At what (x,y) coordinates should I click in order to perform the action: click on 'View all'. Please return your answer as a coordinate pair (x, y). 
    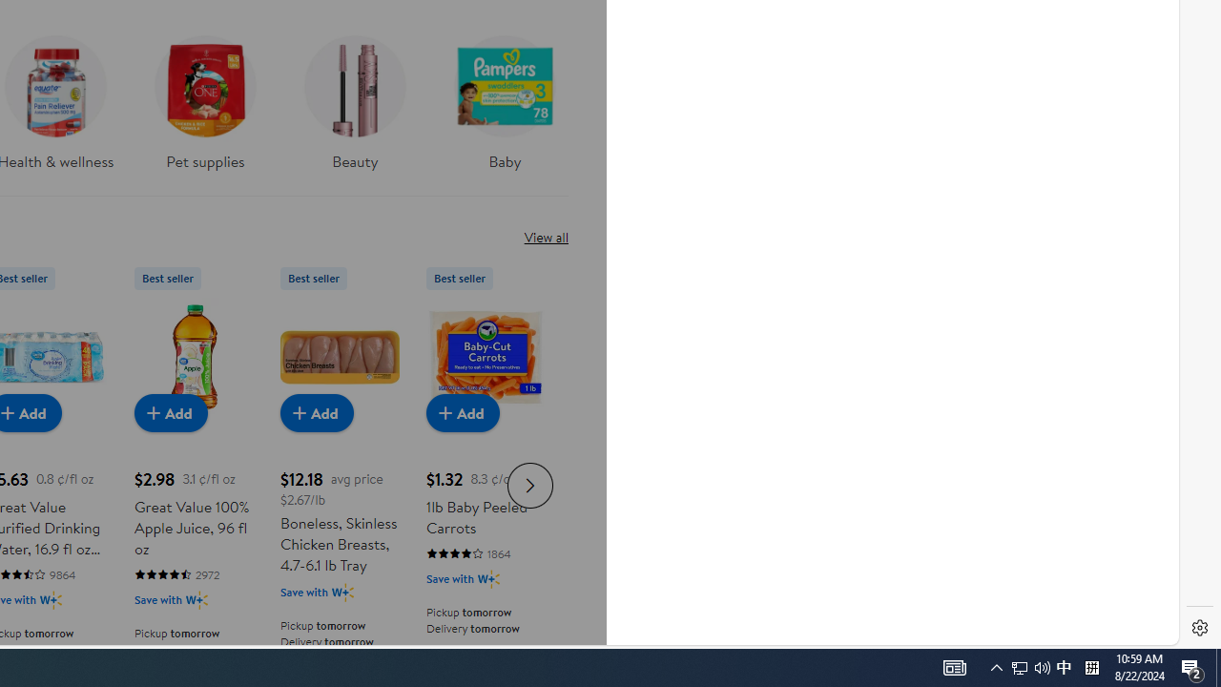
    Looking at the image, I should click on (545, 236).